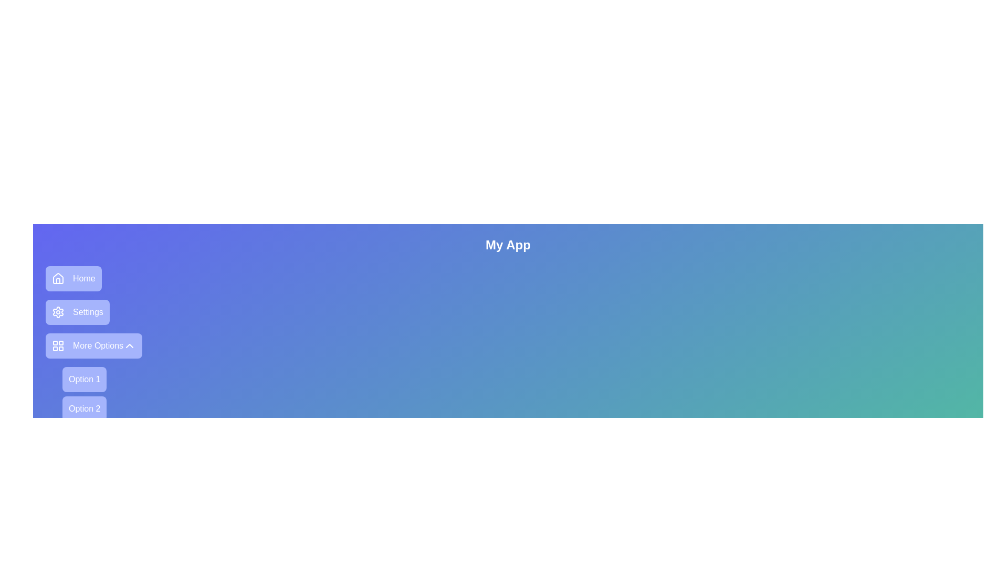 Image resolution: width=1008 pixels, height=567 pixels. I want to click on the settings button located in the left vertical navigation panel, positioned beneath the 'Home' button and above the 'More Options' button, so click(77, 311).